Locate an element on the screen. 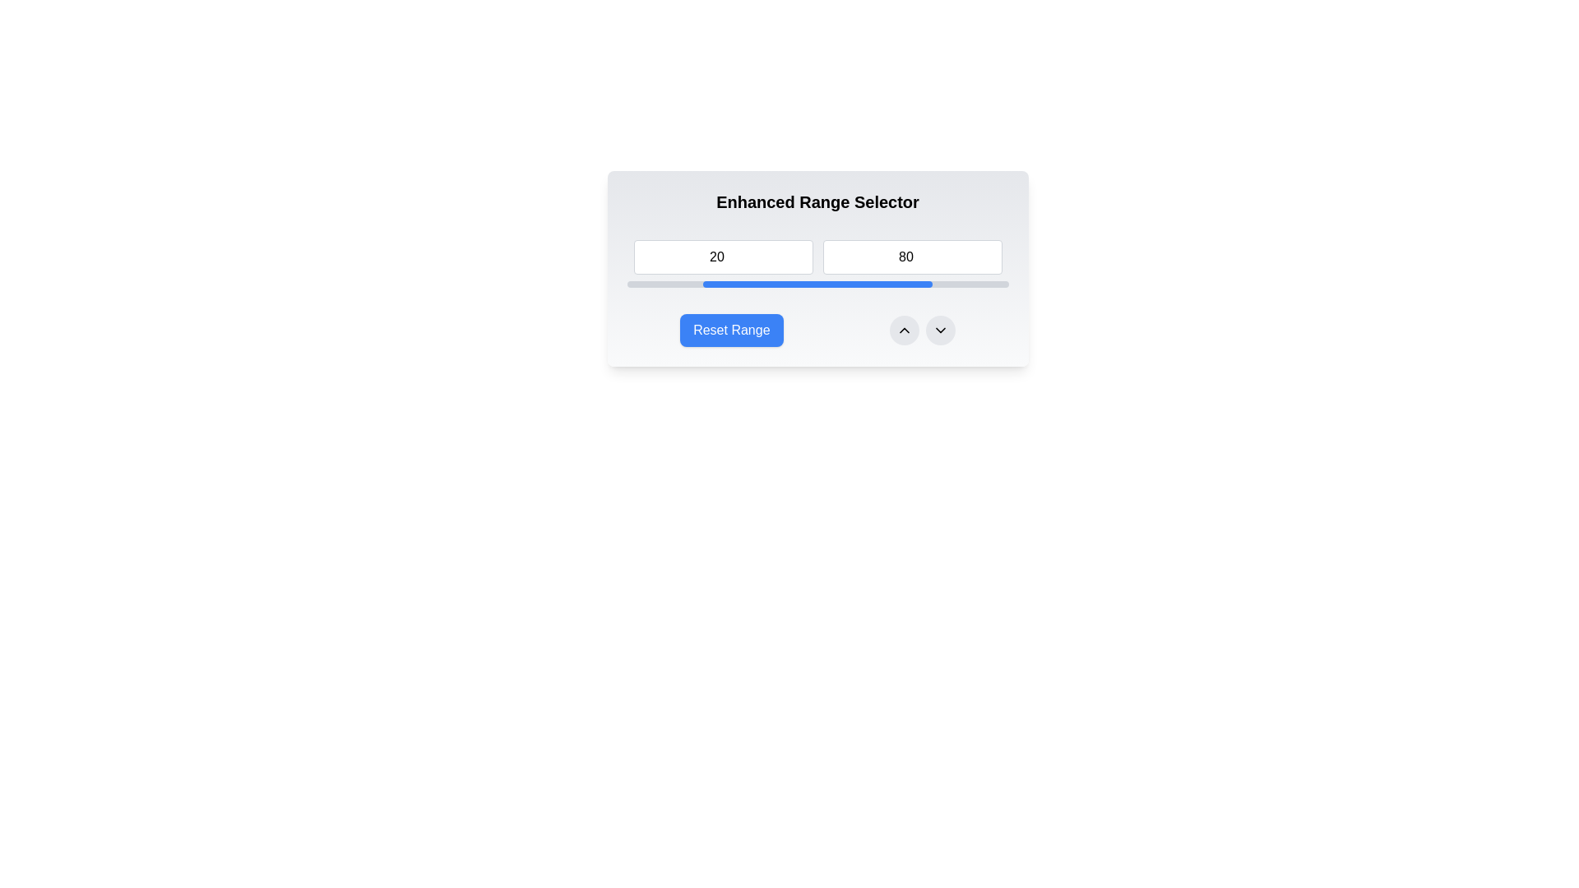  the lower circular button in the complex interactive component to decrement a value is located at coordinates (817, 330).